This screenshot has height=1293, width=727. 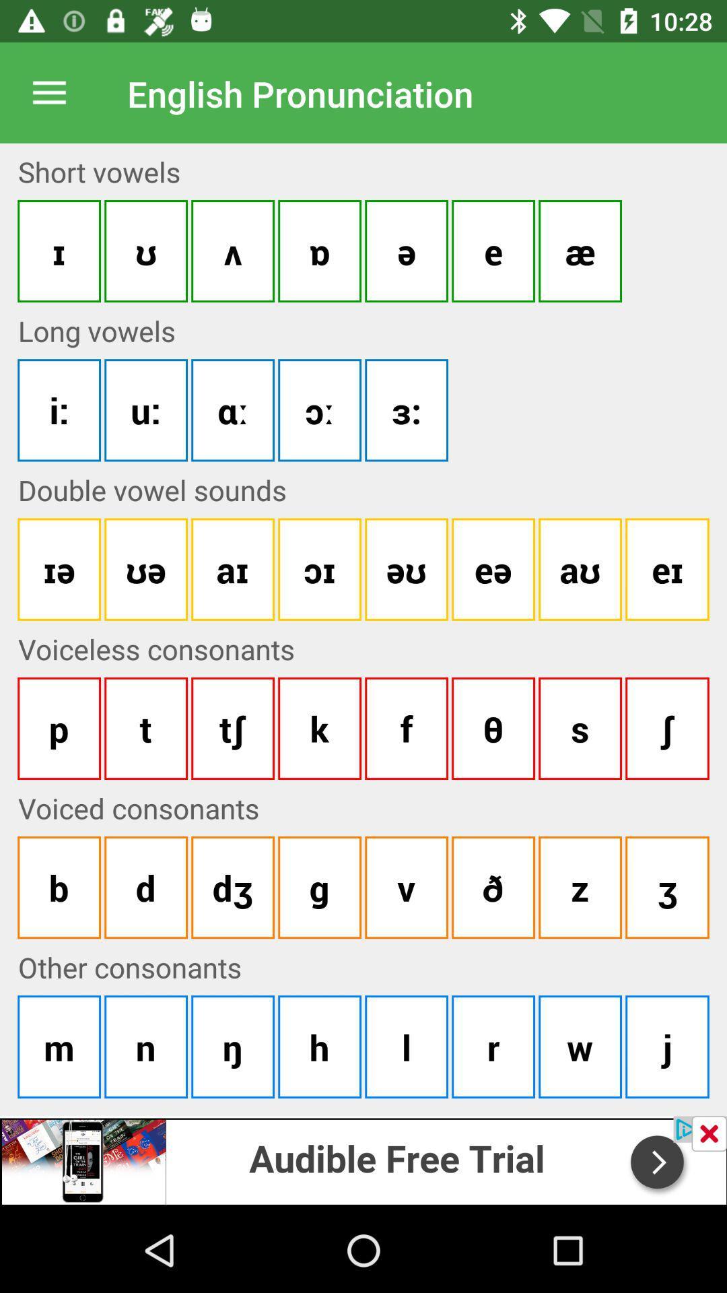 What do you see at coordinates (708, 1133) in the screenshot?
I see `the close icon` at bounding box center [708, 1133].